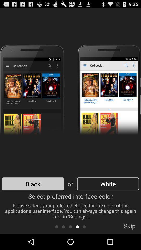 The width and height of the screenshot is (141, 250). I want to click on go back, so click(63, 226).